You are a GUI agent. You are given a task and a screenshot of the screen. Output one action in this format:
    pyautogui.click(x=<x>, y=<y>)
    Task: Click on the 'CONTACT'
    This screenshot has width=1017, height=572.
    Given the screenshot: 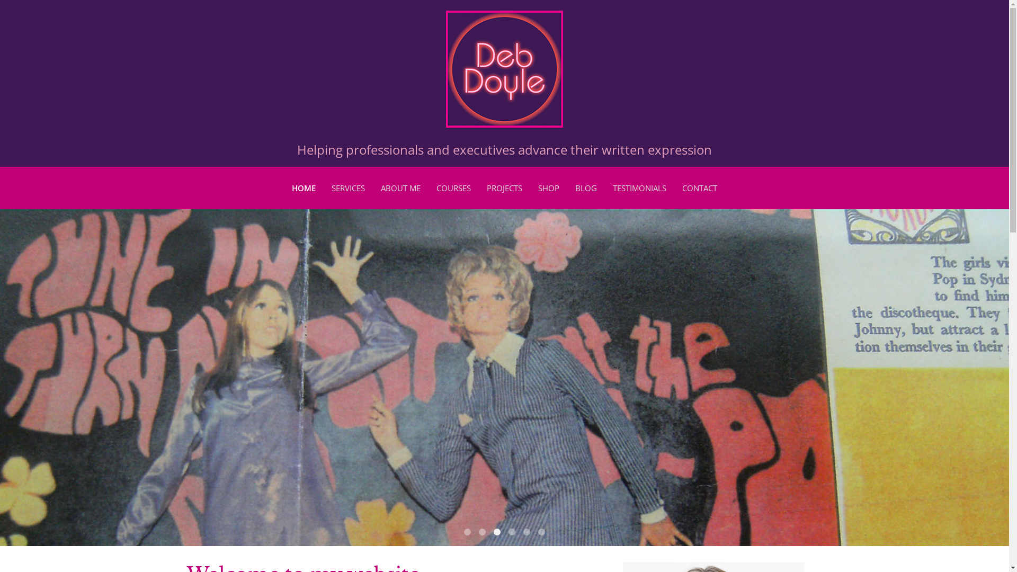 What is the action you would take?
    pyautogui.click(x=682, y=187)
    